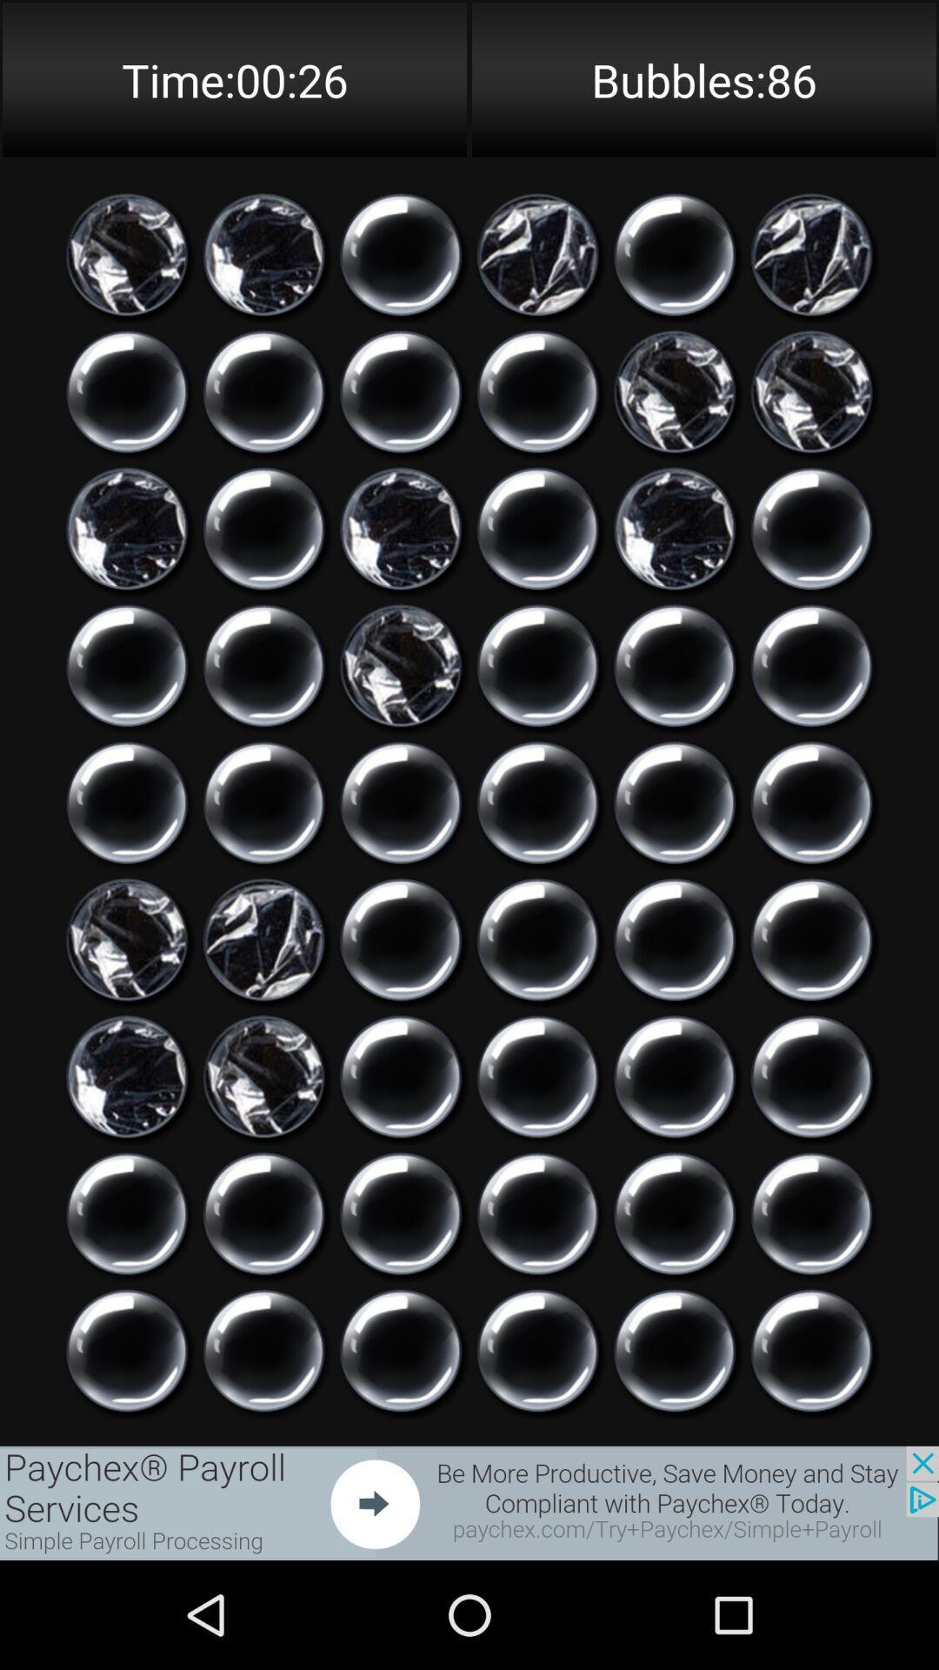 This screenshot has width=939, height=1670. What do you see at coordinates (811, 859) in the screenshot?
I see `the refresh icon` at bounding box center [811, 859].